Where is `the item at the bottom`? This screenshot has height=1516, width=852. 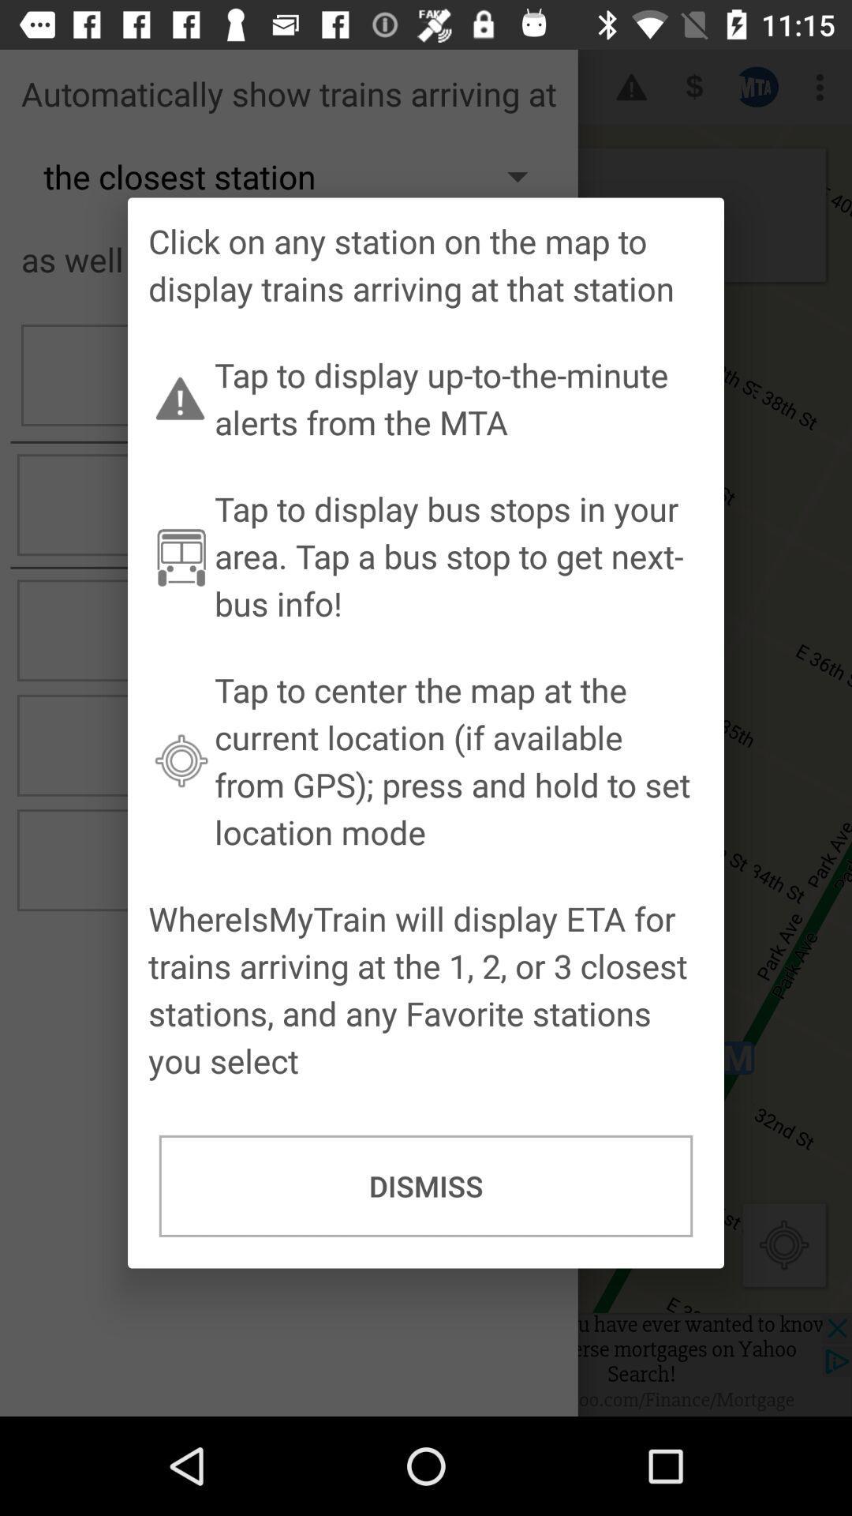
the item at the bottom is located at coordinates (426, 1186).